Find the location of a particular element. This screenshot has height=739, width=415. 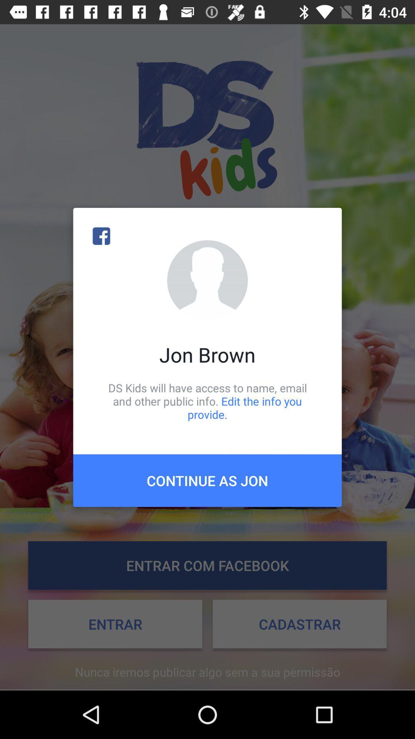

item below the ds kids will icon is located at coordinates (207, 480).